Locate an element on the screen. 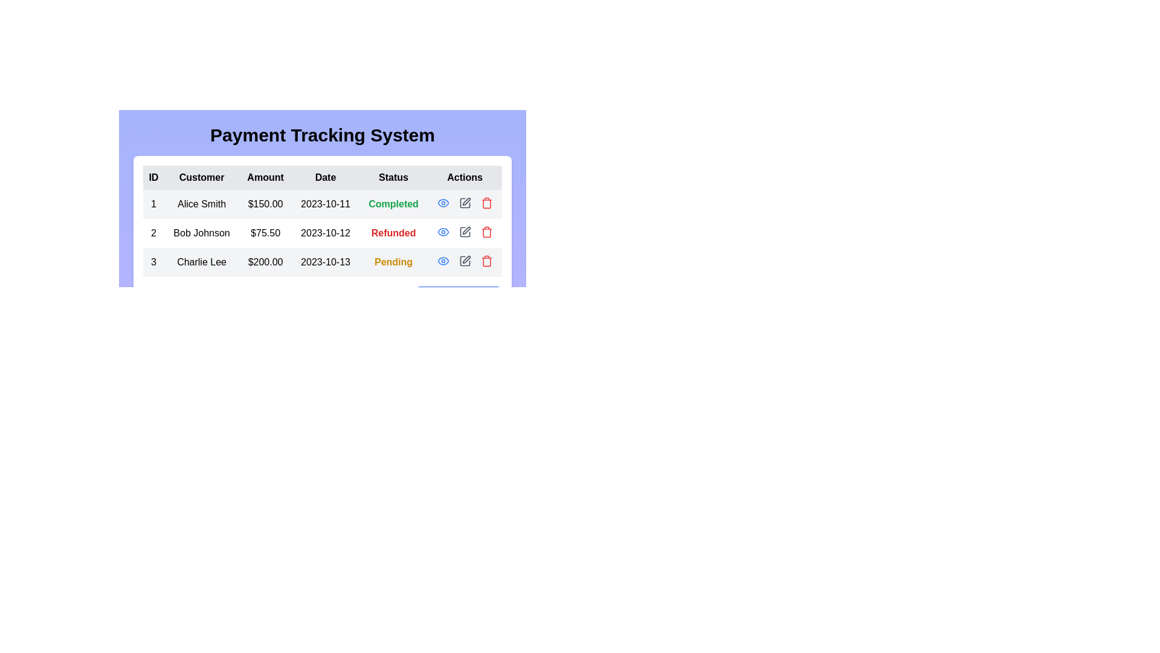  the viewing function button in the Actions column of the second row is located at coordinates (442, 202).